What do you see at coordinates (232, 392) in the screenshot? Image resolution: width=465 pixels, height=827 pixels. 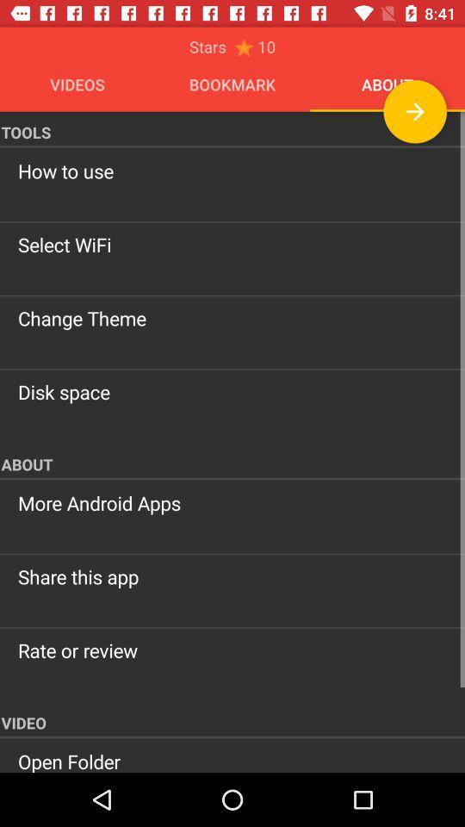 I see `the disk space icon` at bounding box center [232, 392].